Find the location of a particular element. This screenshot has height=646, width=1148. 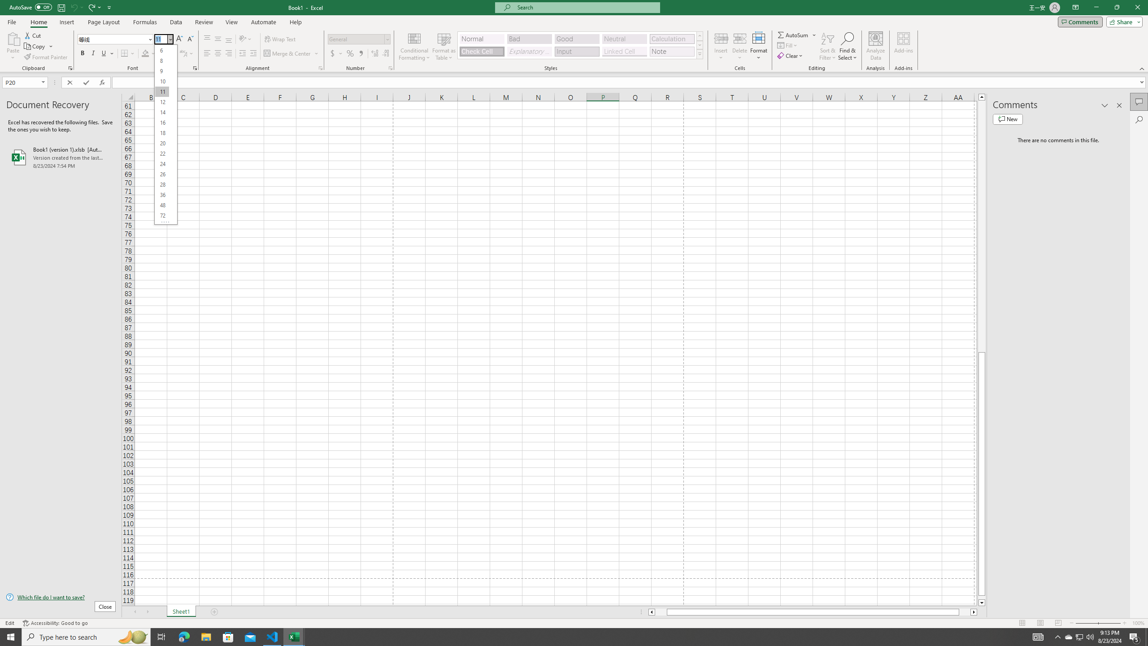

'Percent Style' is located at coordinates (349, 53).